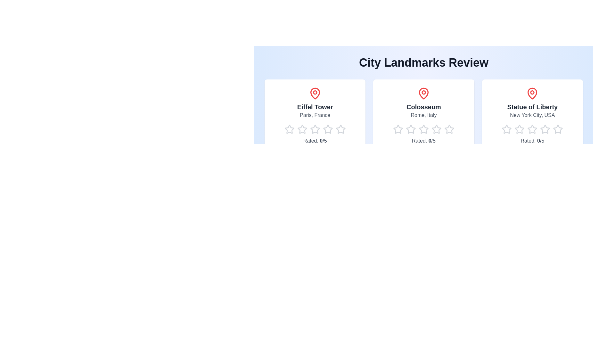 Image resolution: width=615 pixels, height=346 pixels. Describe the element at coordinates (553, 129) in the screenshot. I see `the star corresponding to 5 for the landmark Statue of Liberty` at that location.